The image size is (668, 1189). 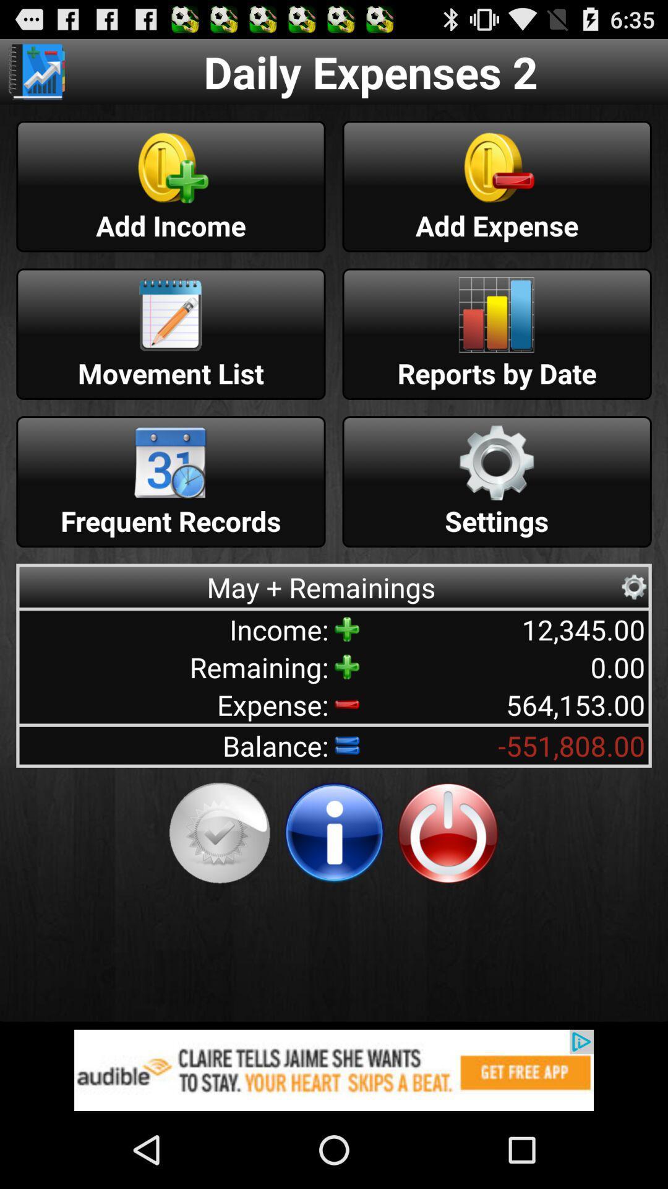 What do you see at coordinates (36, 71) in the screenshot?
I see `move to different page` at bounding box center [36, 71].